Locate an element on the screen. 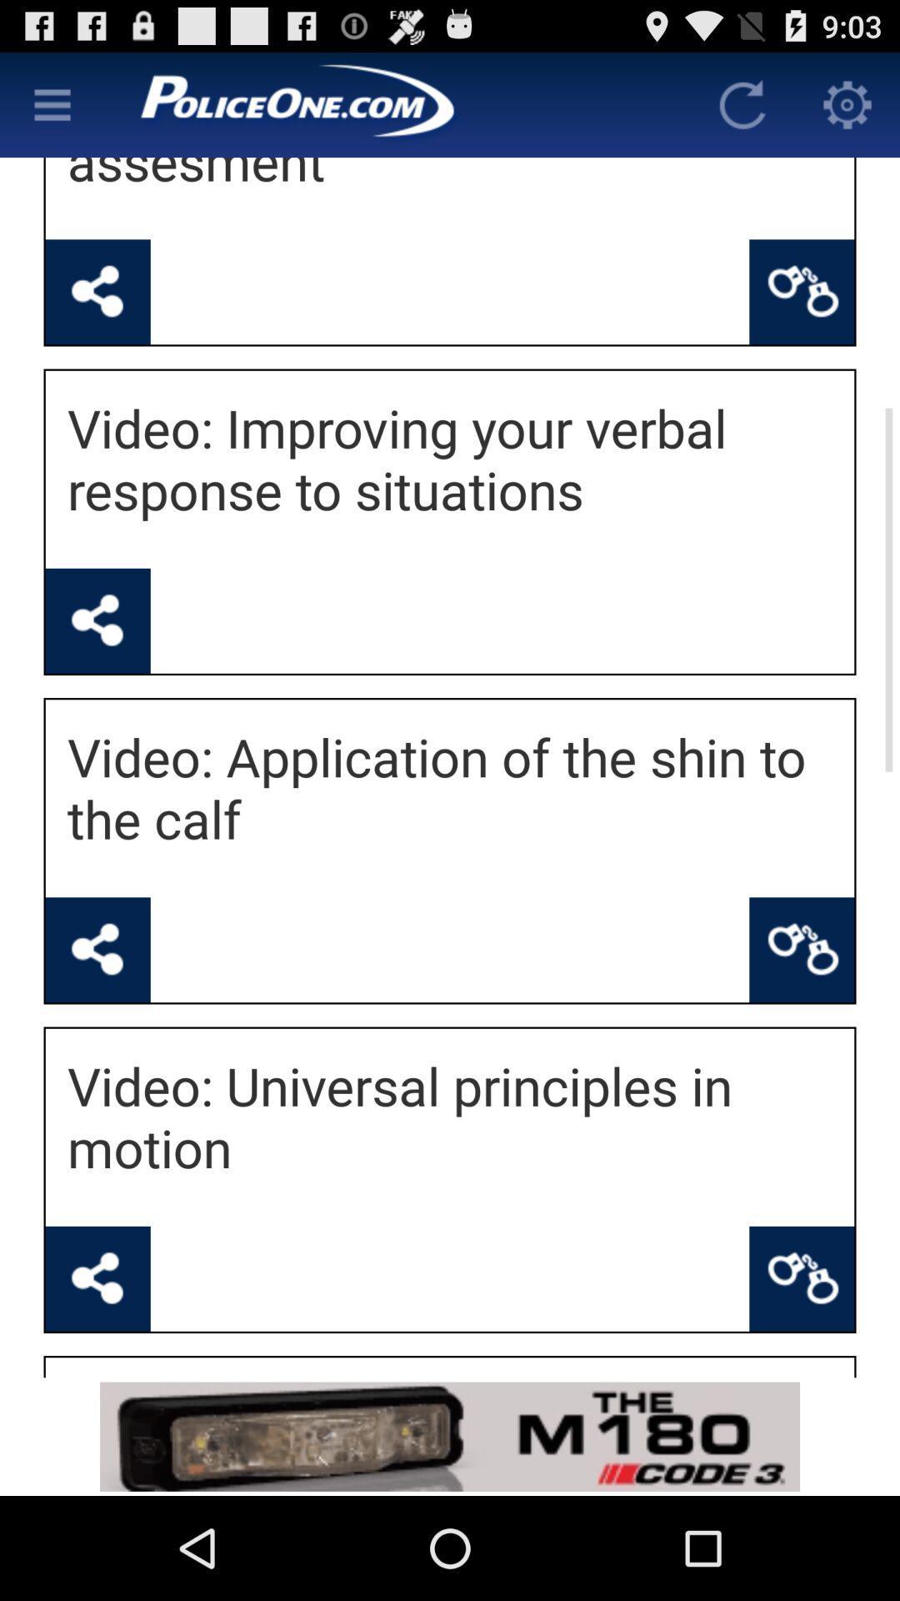  reload is located at coordinates (742, 103).